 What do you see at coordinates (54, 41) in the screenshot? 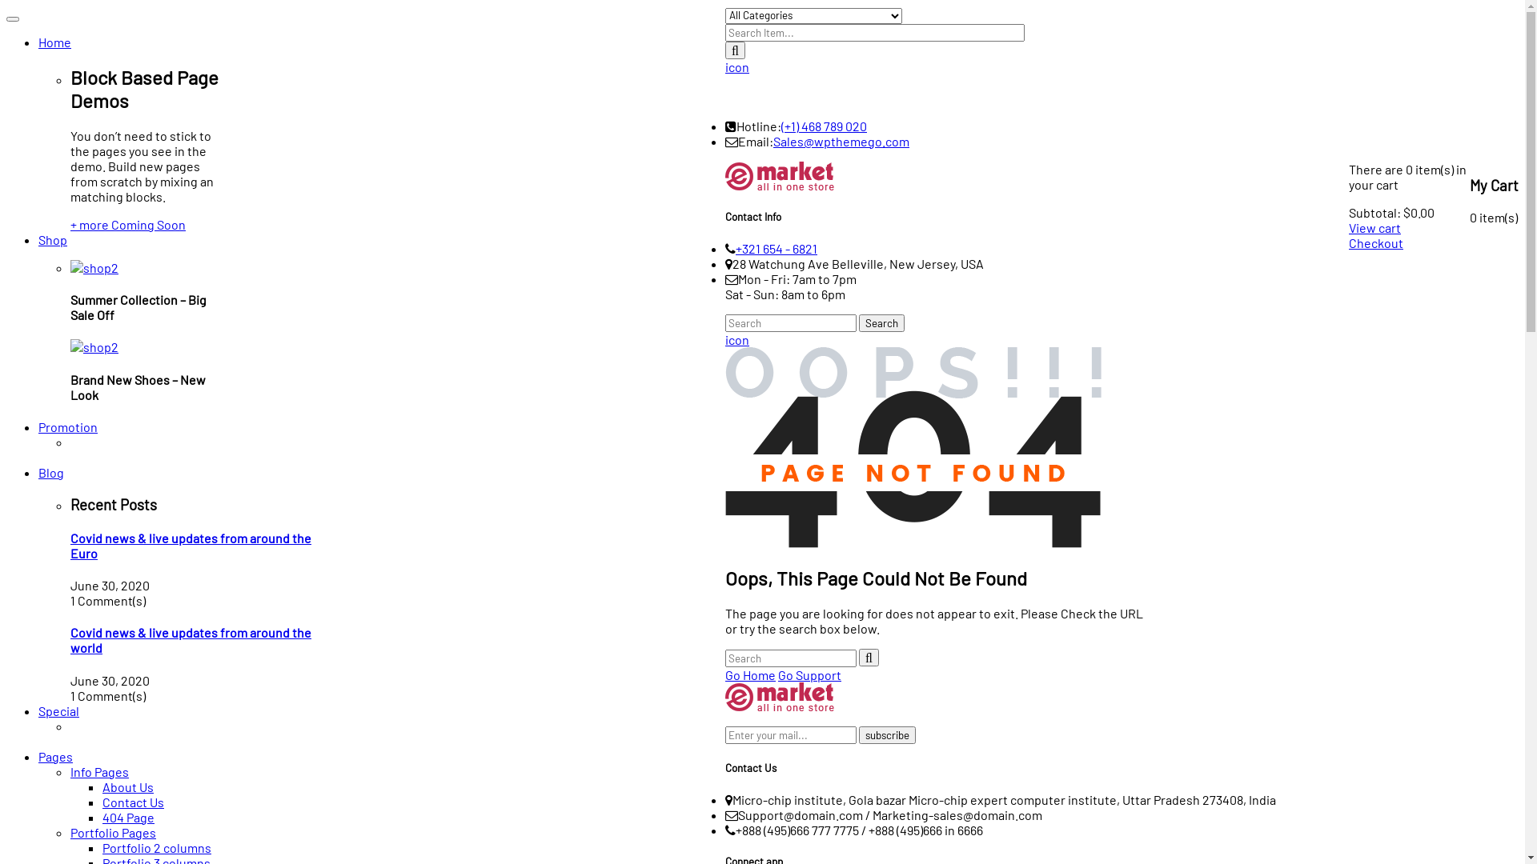
I see `'Home'` at bounding box center [54, 41].